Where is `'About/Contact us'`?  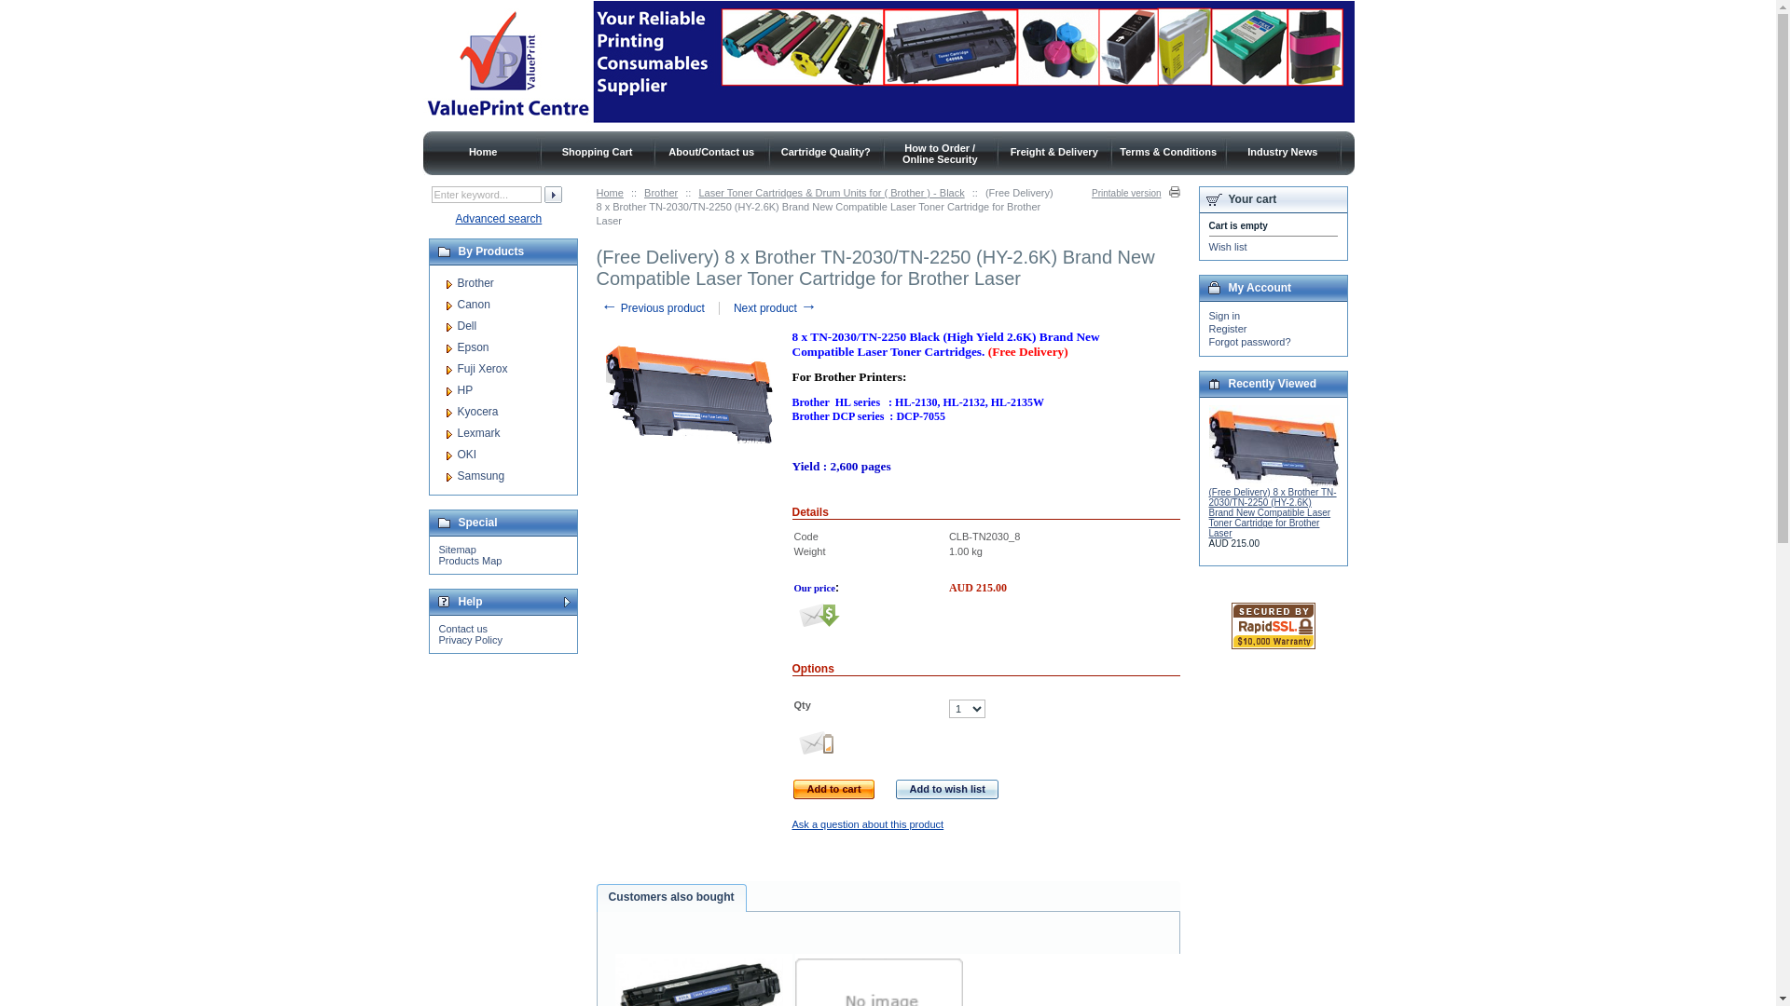 'About/Contact us' is located at coordinates (710, 150).